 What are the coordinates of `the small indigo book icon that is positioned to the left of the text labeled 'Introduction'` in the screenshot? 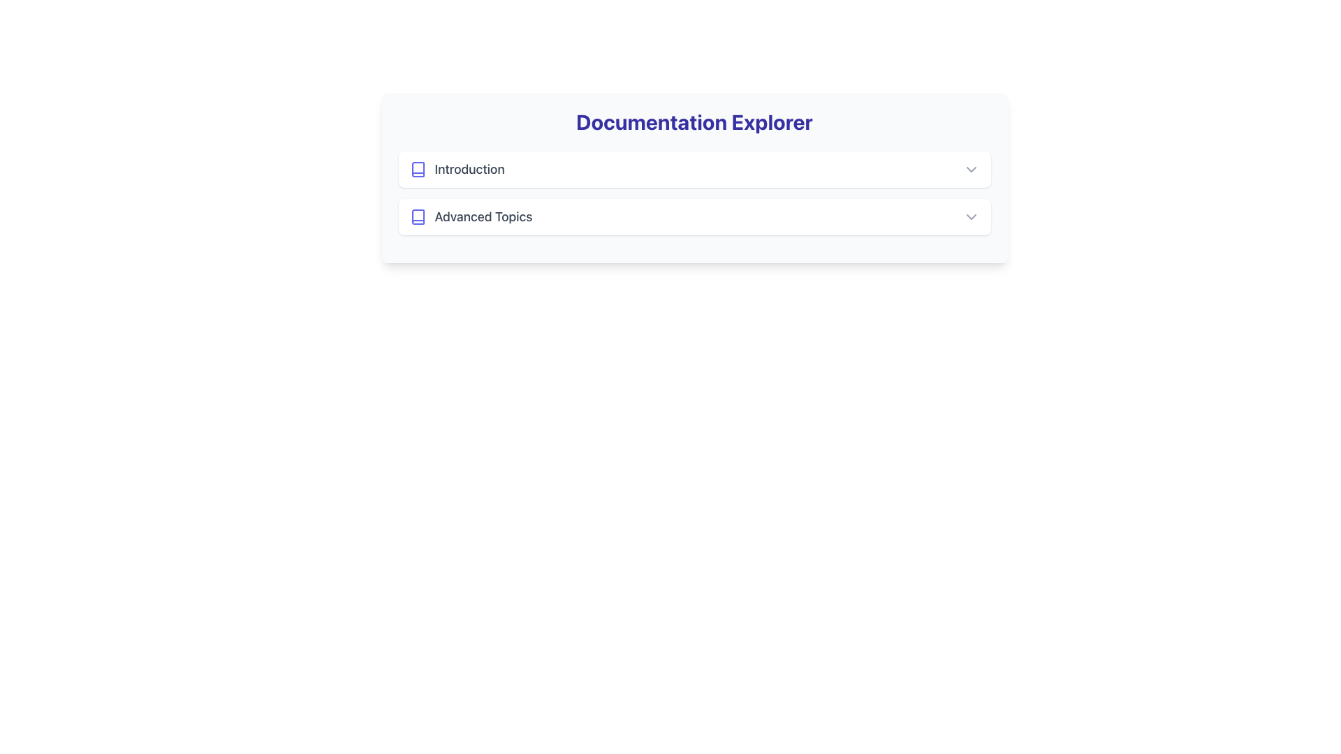 It's located at (417, 169).